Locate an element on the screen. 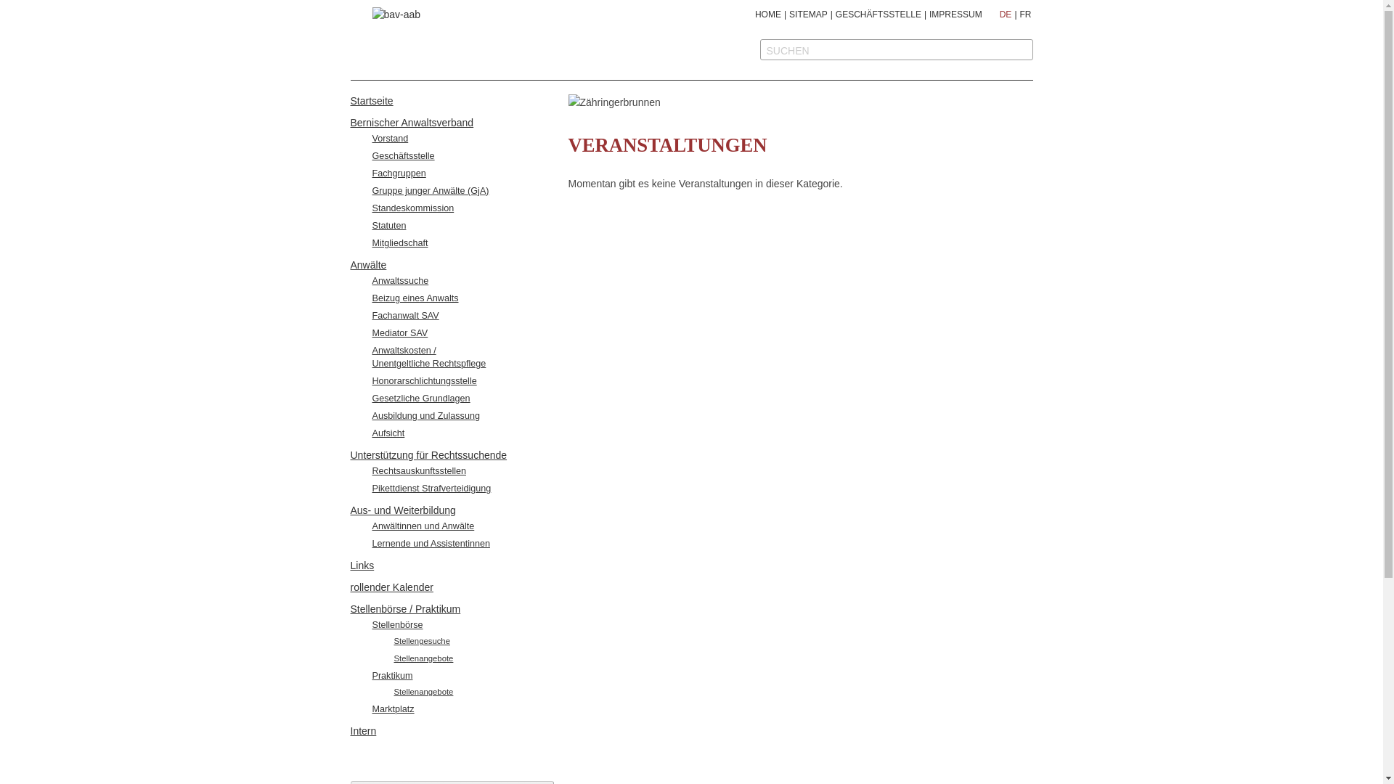 The height and width of the screenshot is (784, 1394). 'SITEMAP' is located at coordinates (788, 14).